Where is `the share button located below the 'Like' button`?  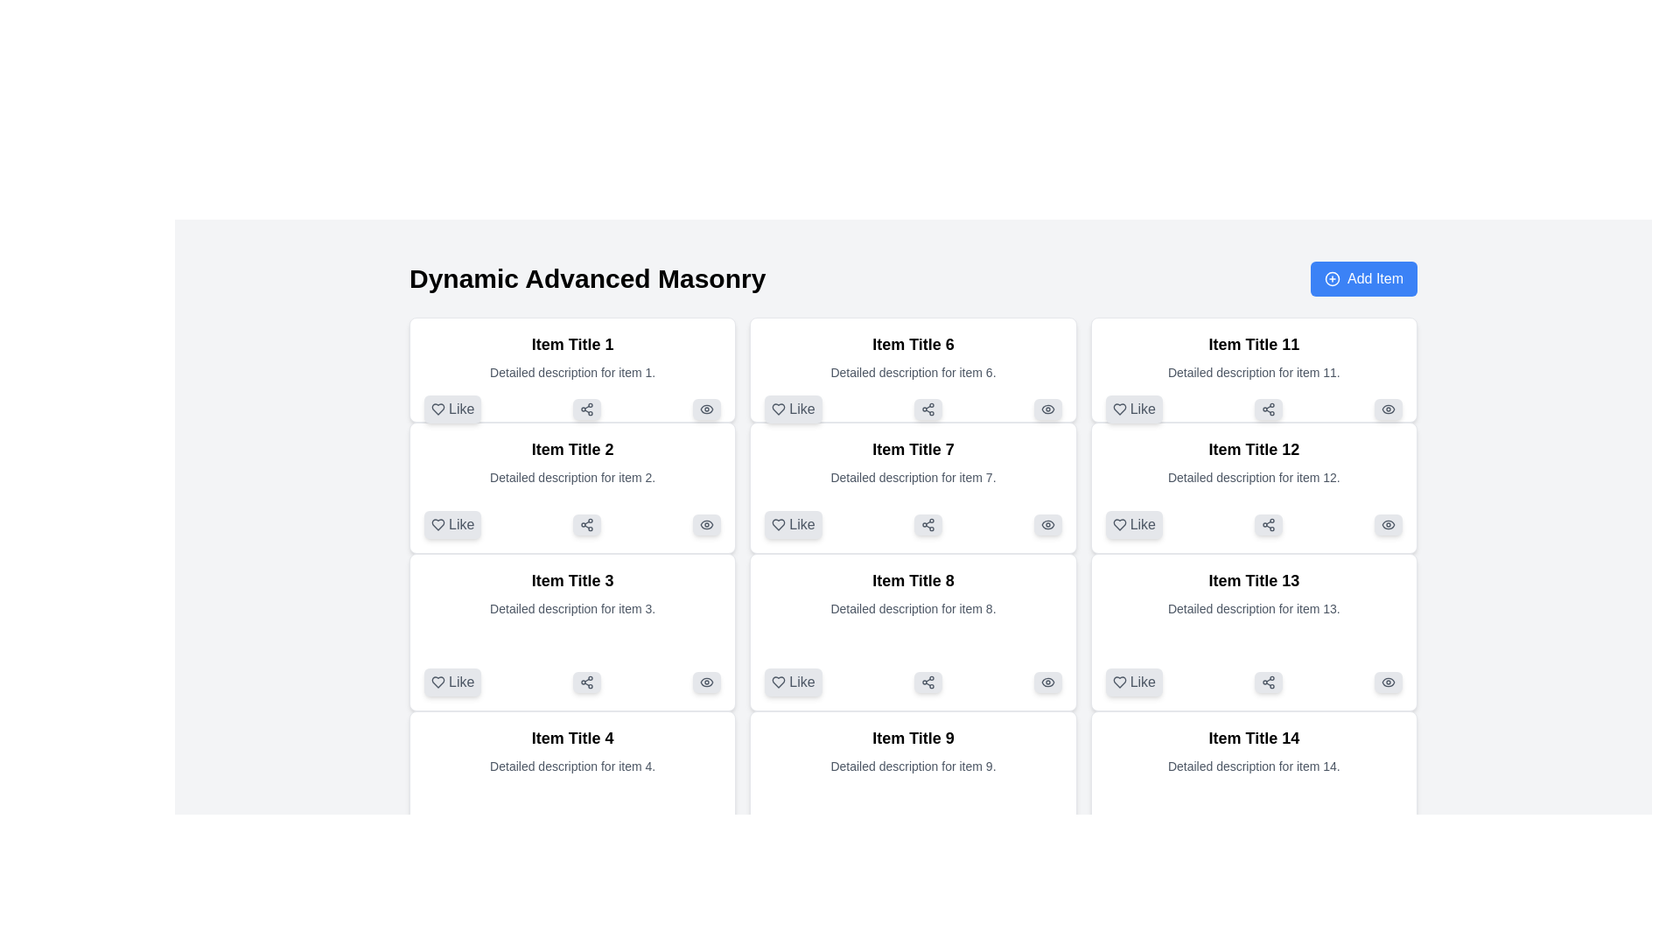 the share button located below the 'Like' button is located at coordinates (587, 409).